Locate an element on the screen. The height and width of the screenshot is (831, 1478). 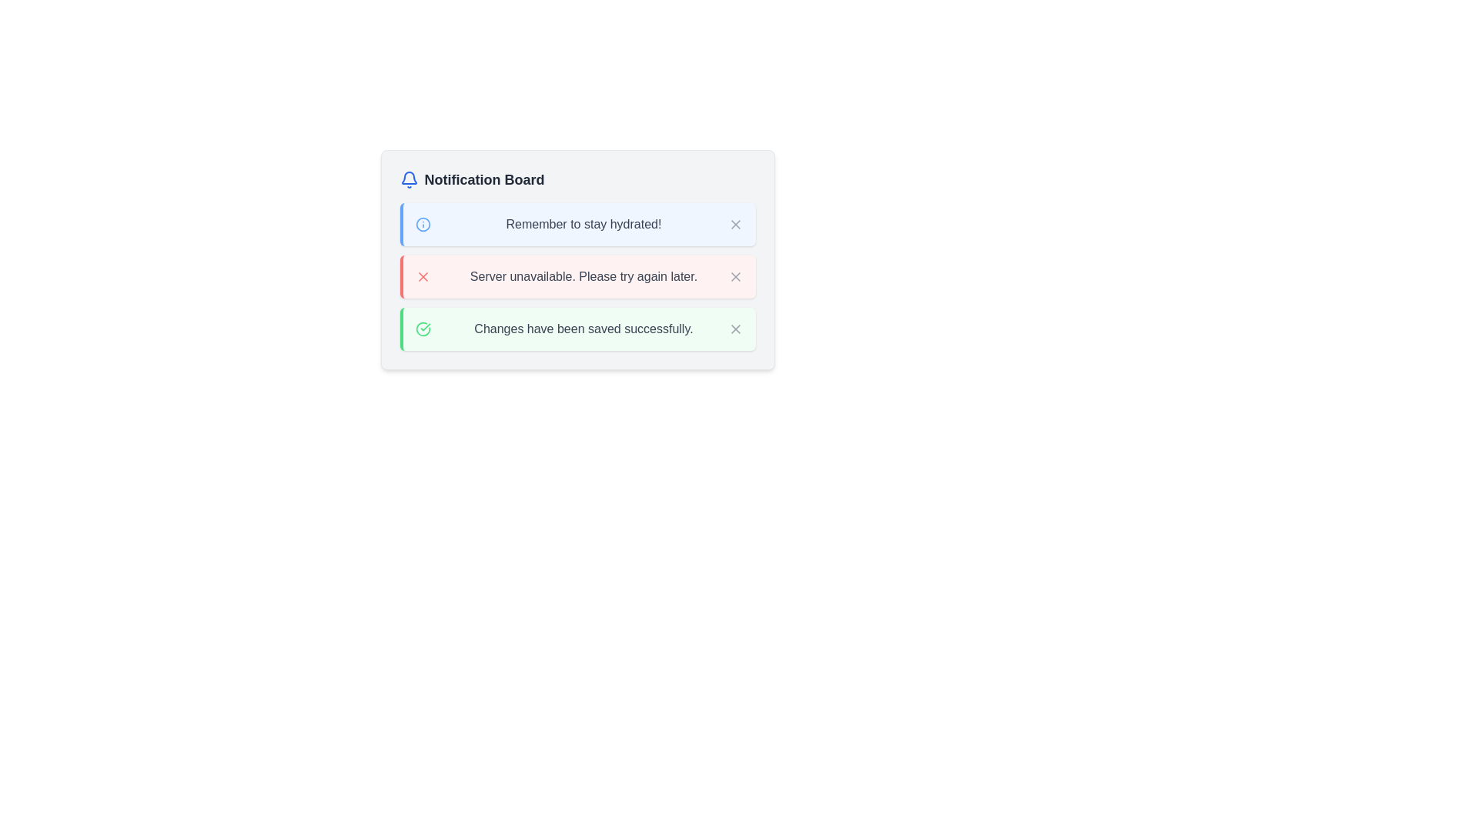
the close button located to the right of the text 'Server unavailable. Please try again later.' is located at coordinates (734, 275).